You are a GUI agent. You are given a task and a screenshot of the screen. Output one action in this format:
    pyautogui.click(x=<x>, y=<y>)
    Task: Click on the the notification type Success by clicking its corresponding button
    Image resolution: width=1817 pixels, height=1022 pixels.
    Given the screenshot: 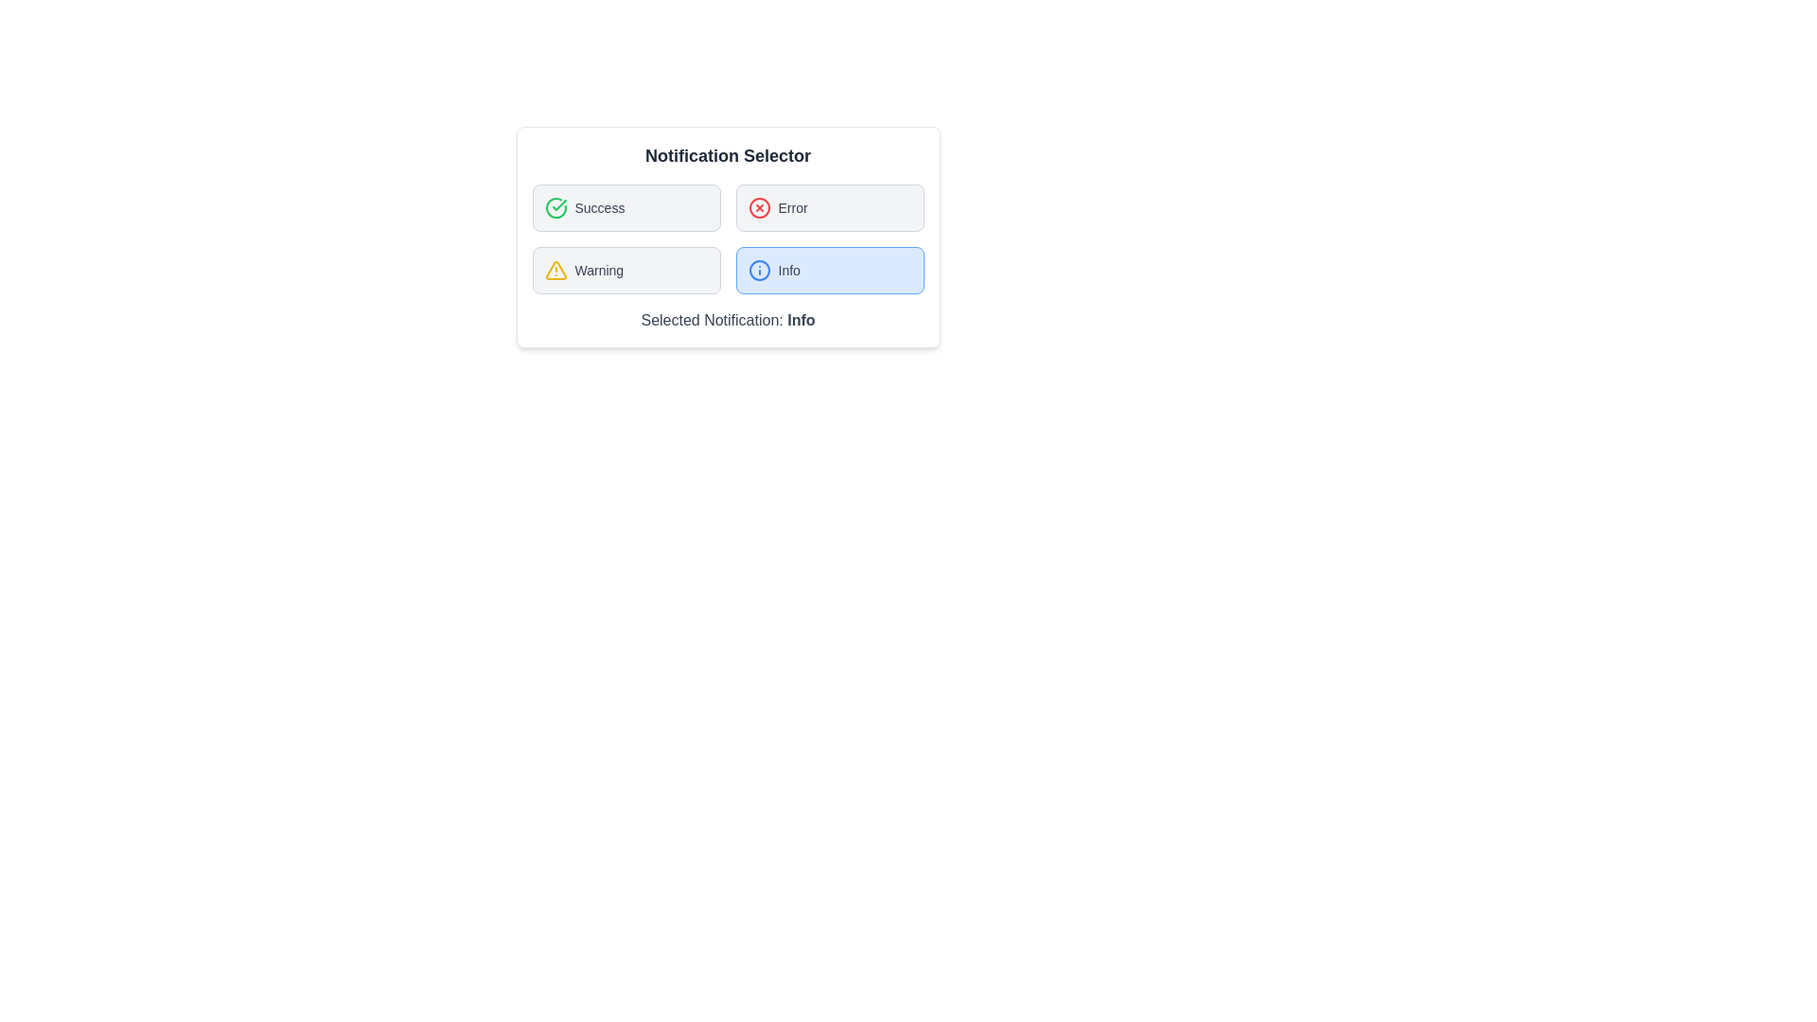 What is the action you would take?
    pyautogui.click(x=626, y=207)
    